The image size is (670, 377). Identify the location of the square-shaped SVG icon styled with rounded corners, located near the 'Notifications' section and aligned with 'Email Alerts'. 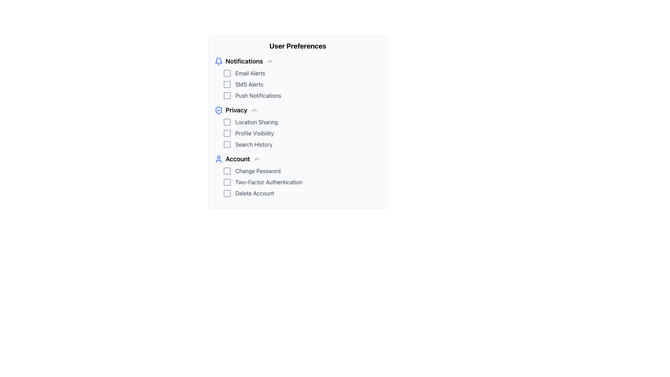
(227, 73).